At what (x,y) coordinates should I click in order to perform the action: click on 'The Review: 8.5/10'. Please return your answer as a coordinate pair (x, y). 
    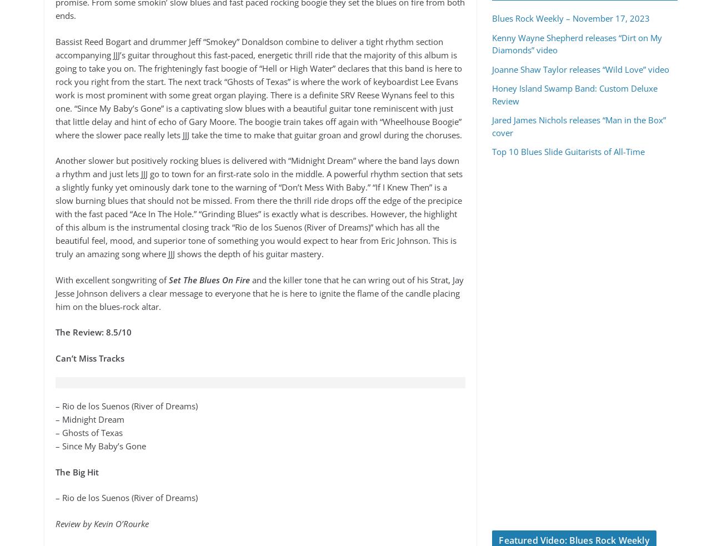
    Looking at the image, I should click on (93, 332).